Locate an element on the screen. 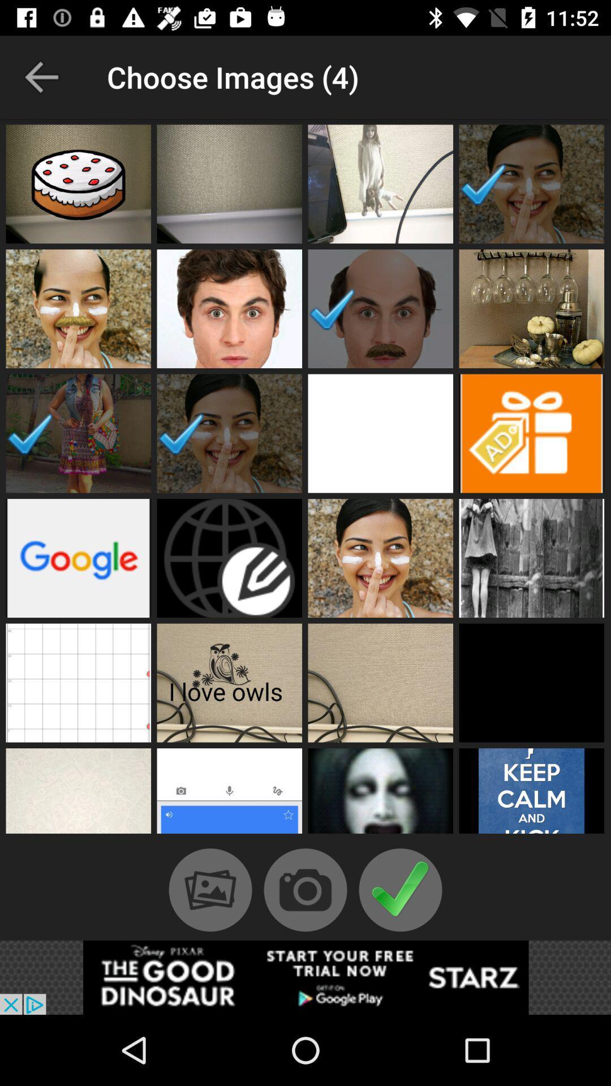 The height and width of the screenshot is (1086, 611). photo/image selection is located at coordinates (531, 184).